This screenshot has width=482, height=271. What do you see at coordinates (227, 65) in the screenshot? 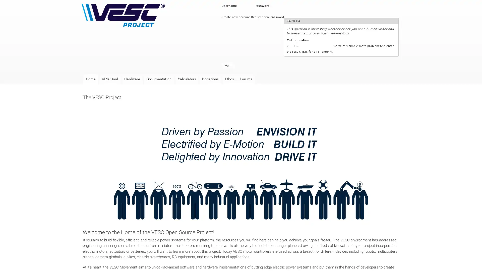
I see `Log in` at bounding box center [227, 65].